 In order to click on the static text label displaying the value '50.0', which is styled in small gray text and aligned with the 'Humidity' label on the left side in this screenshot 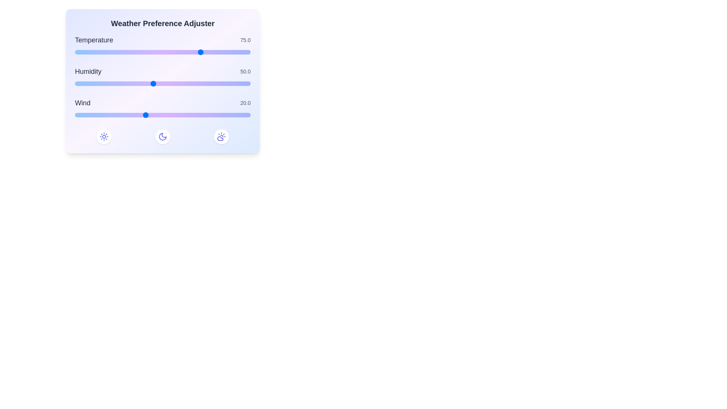, I will do `click(245, 72)`.